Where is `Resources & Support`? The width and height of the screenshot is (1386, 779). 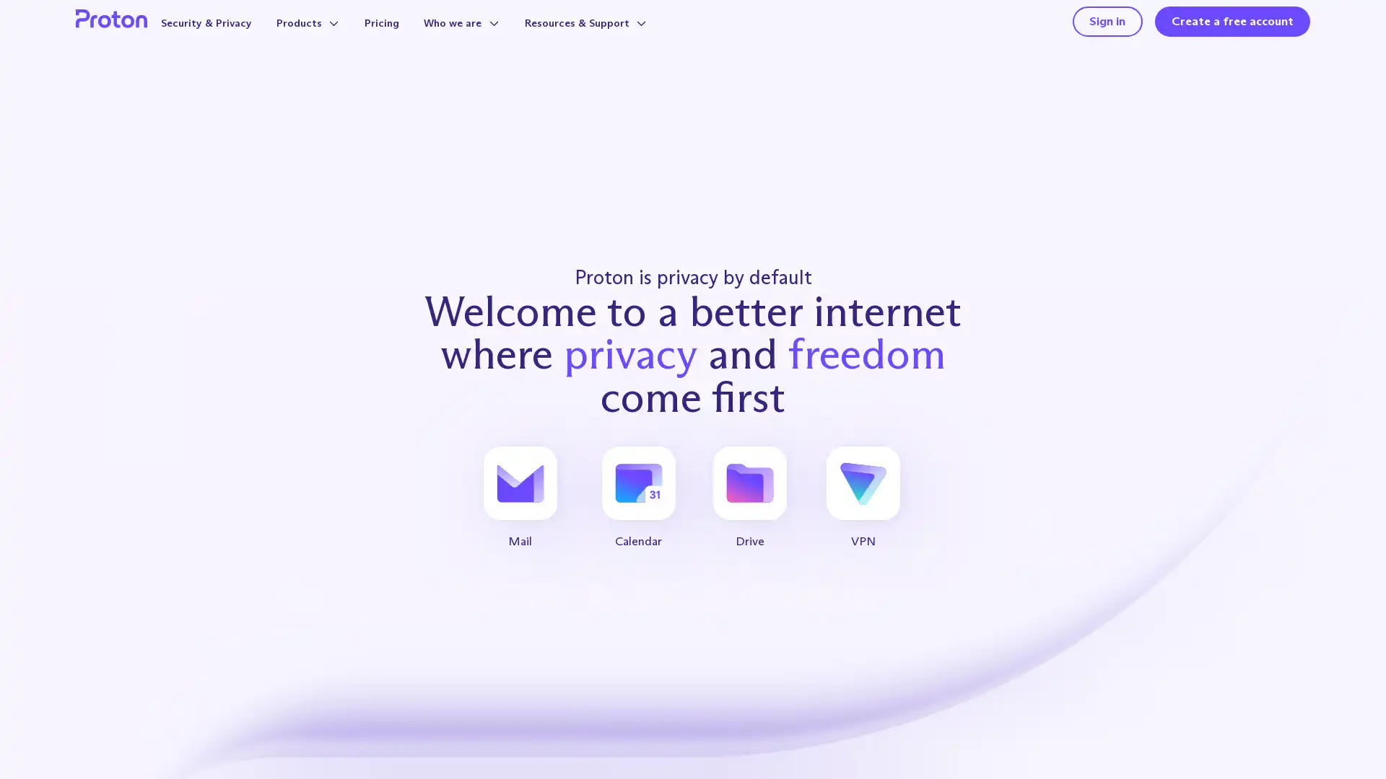 Resources & Support is located at coordinates (624, 37).